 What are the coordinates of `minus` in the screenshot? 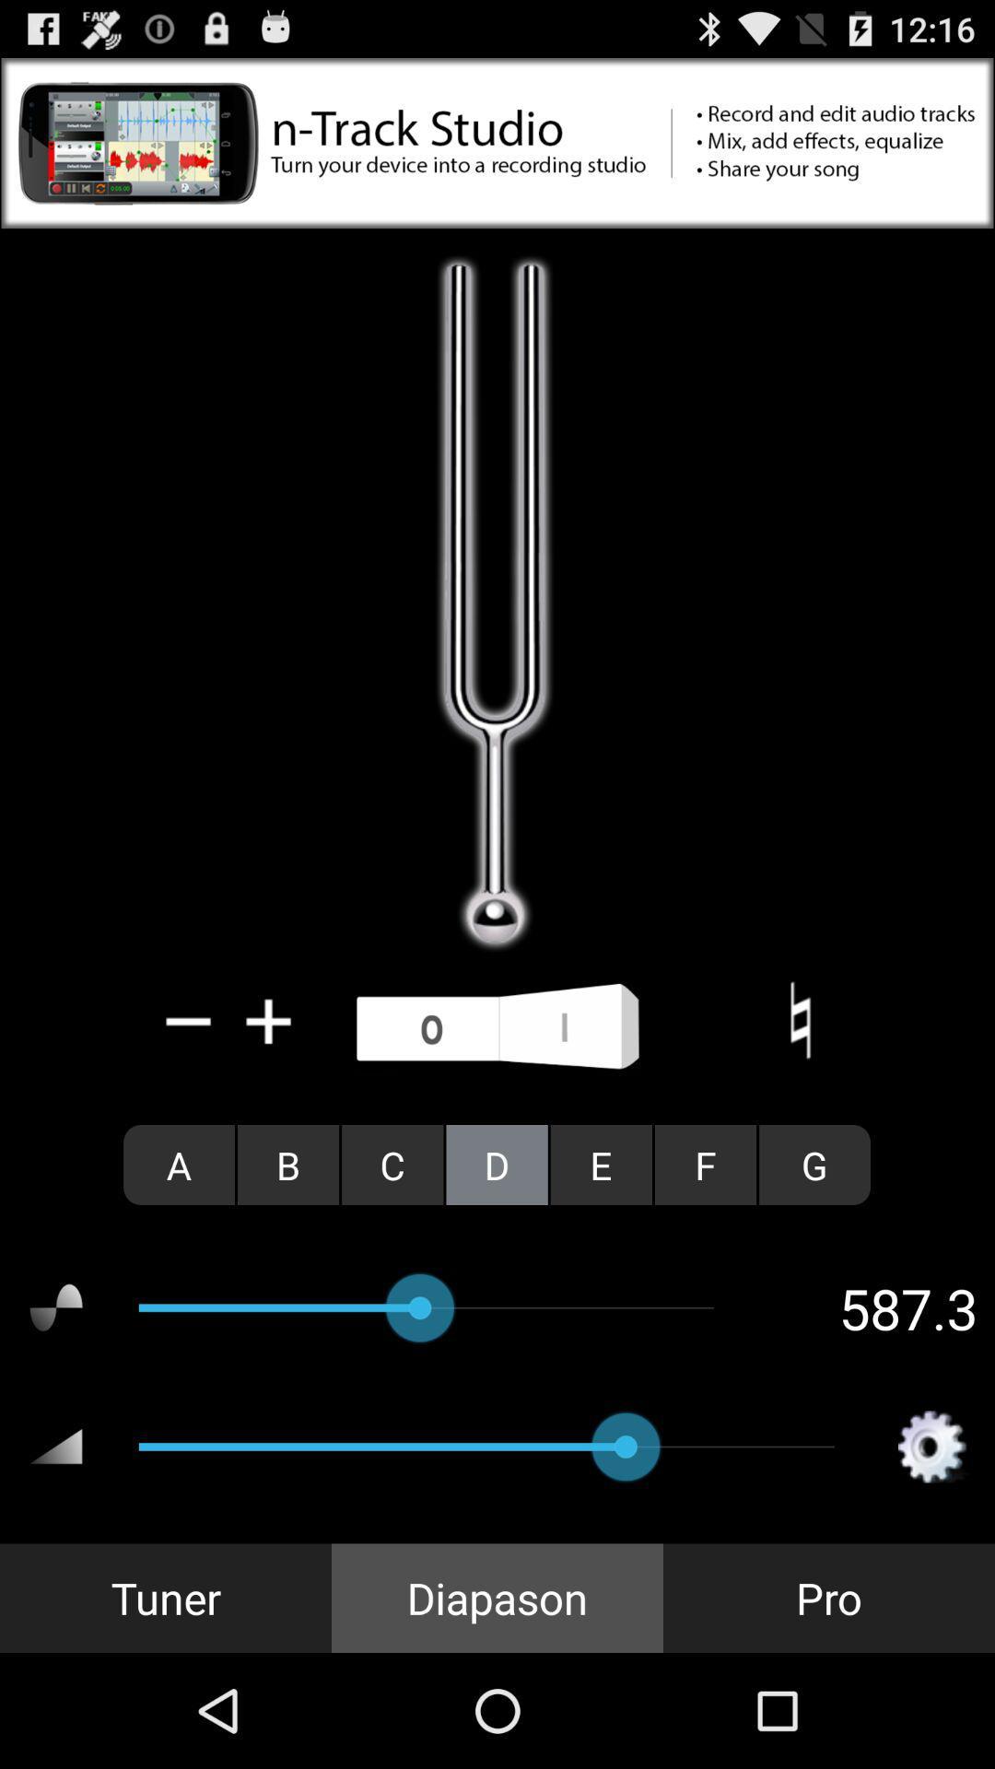 It's located at (189, 1020).